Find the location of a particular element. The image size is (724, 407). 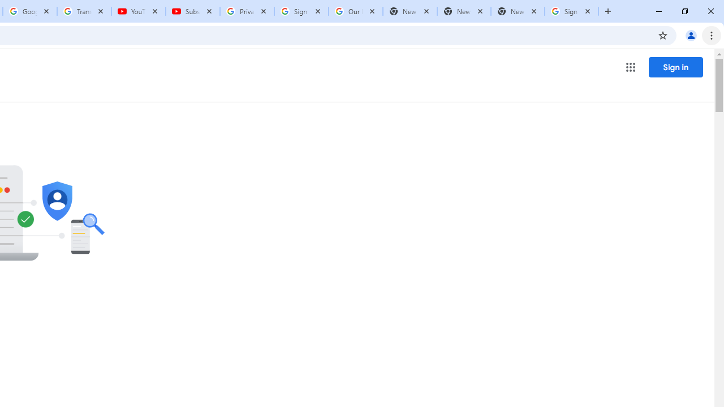

'Bookmark this tab' is located at coordinates (662, 34).